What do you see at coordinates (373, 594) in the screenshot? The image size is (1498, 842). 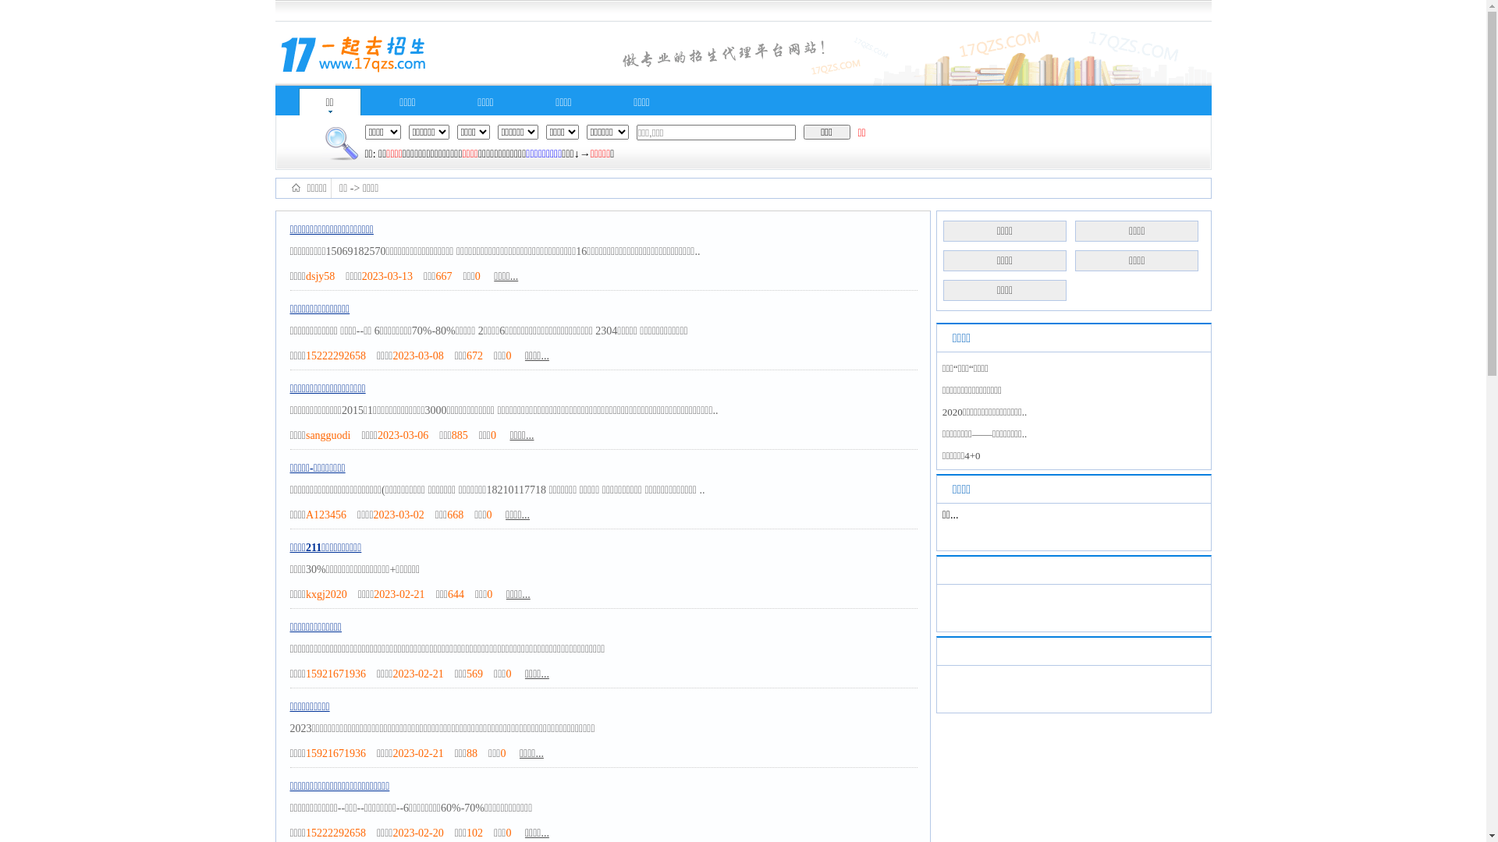 I see `'2023-02-21'` at bounding box center [373, 594].